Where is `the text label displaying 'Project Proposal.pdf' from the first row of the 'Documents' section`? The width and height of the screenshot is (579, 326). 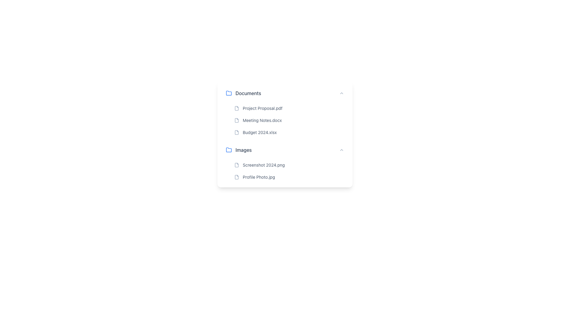
the text label displaying 'Project Proposal.pdf' from the first row of the 'Documents' section is located at coordinates (262, 108).